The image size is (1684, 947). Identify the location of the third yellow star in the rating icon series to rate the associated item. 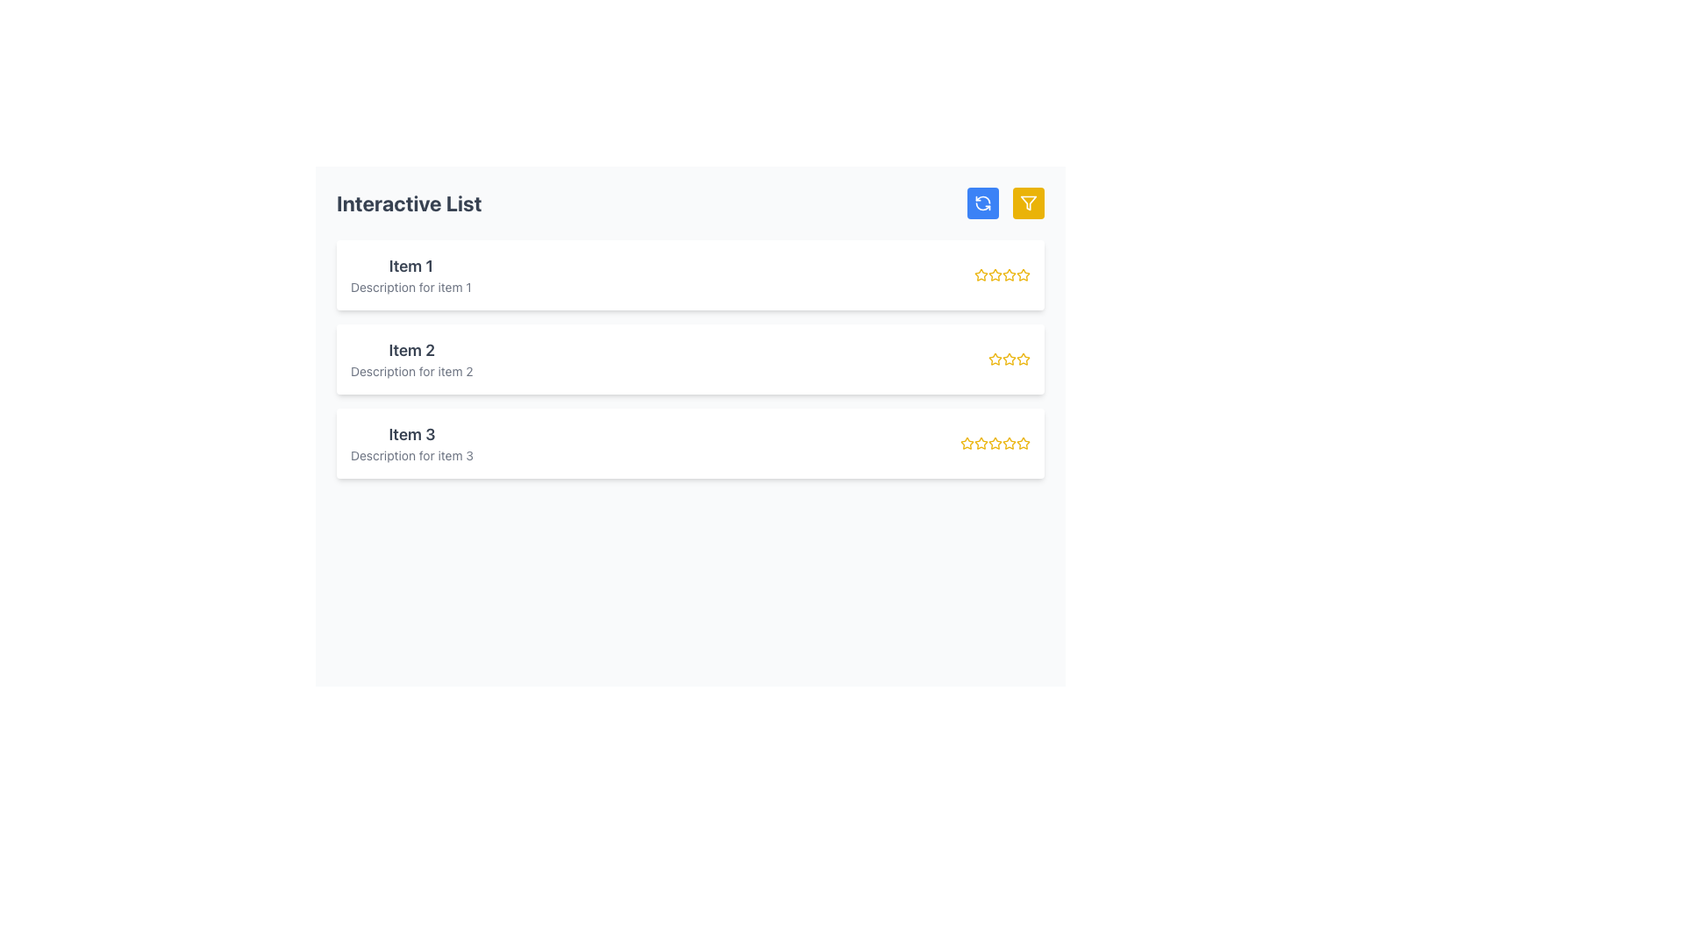
(1009, 274).